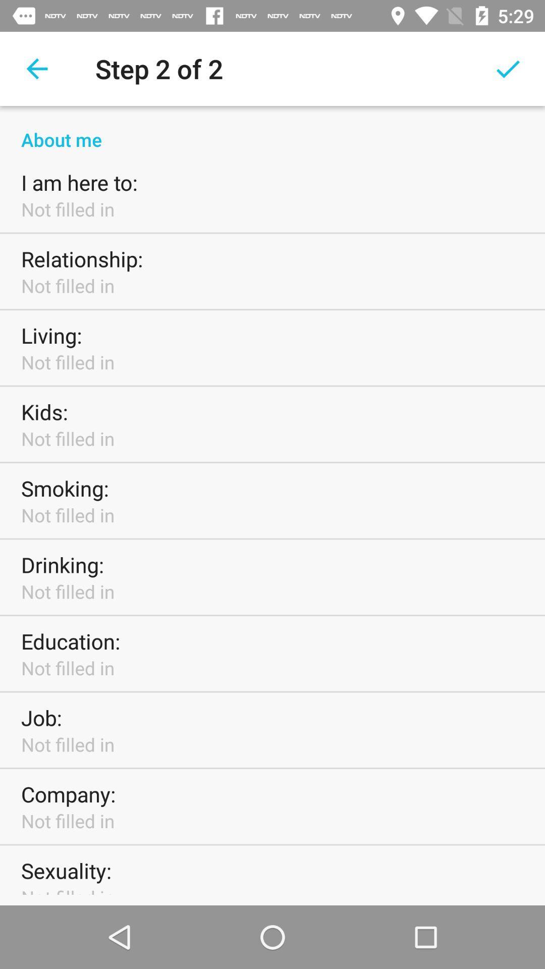 Image resolution: width=545 pixels, height=969 pixels. Describe the element at coordinates (508, 68) in the screenshot. I see `icon next to the step 2 of icon` at that location.